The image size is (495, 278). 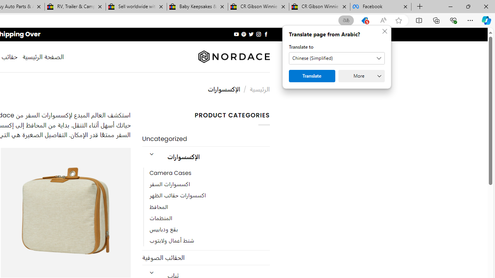 What do you see at coordinates (75, 7) in the screenshot?
I see `'RV, Trailer & Camper Steps & Ladders for sale | eBay'` at bounding box center [75, 7].